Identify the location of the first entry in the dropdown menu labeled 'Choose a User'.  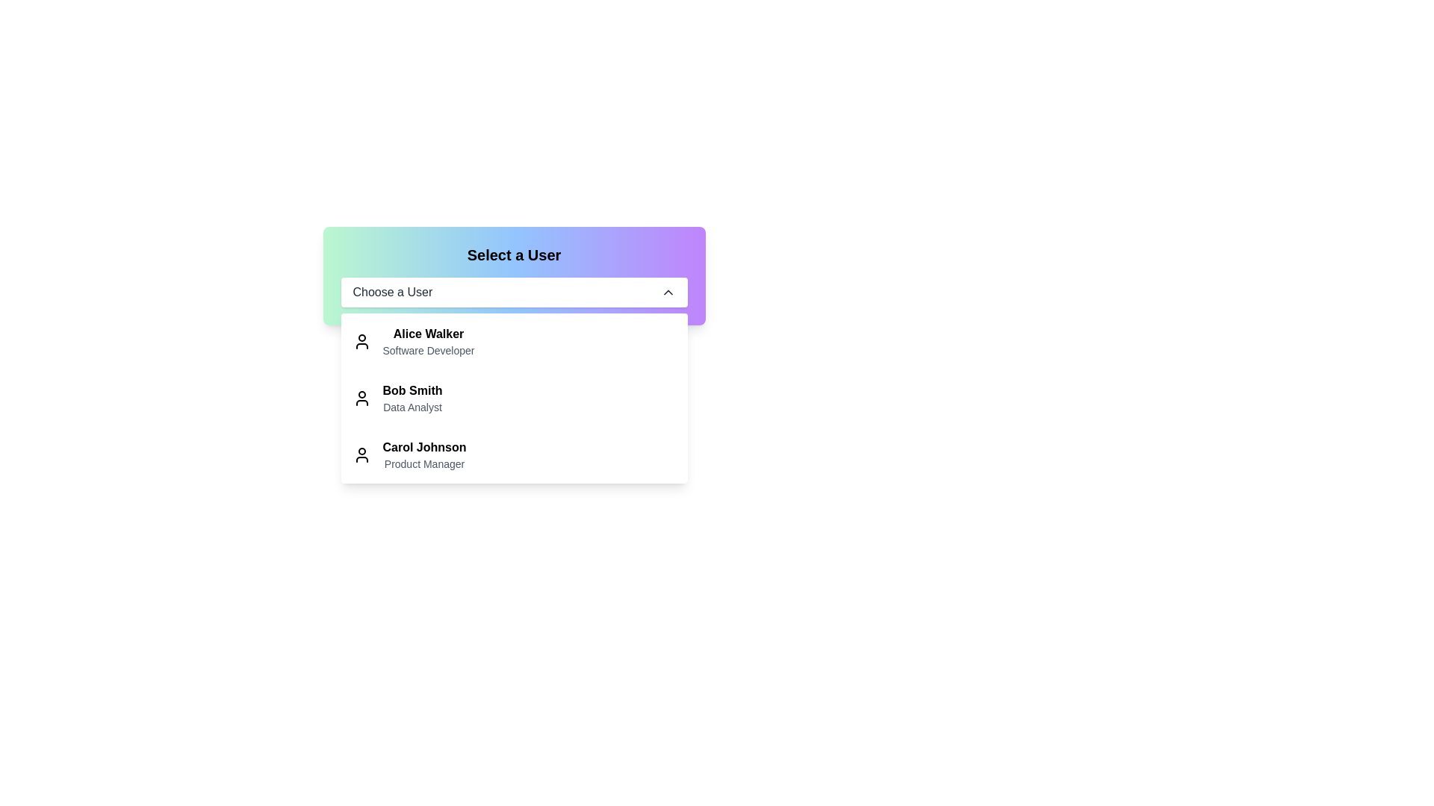
(427, 342).